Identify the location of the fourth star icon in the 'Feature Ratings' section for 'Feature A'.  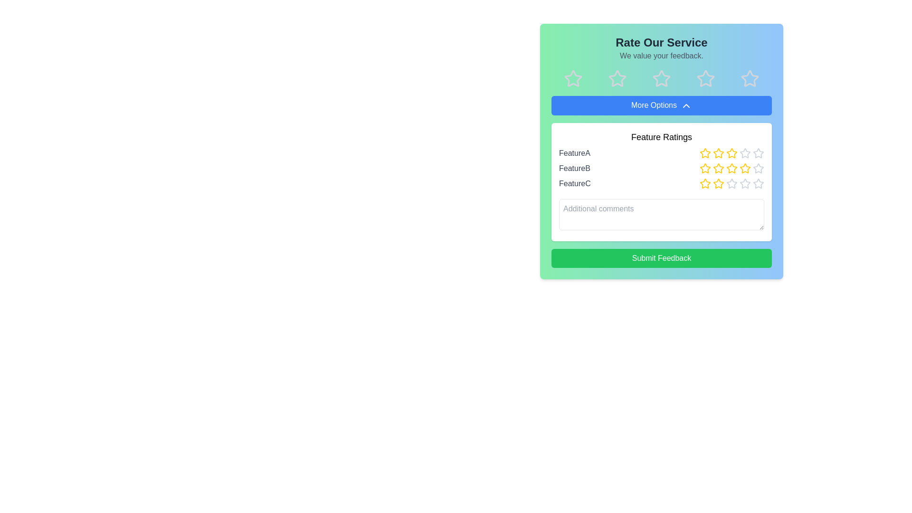
(758, 152).